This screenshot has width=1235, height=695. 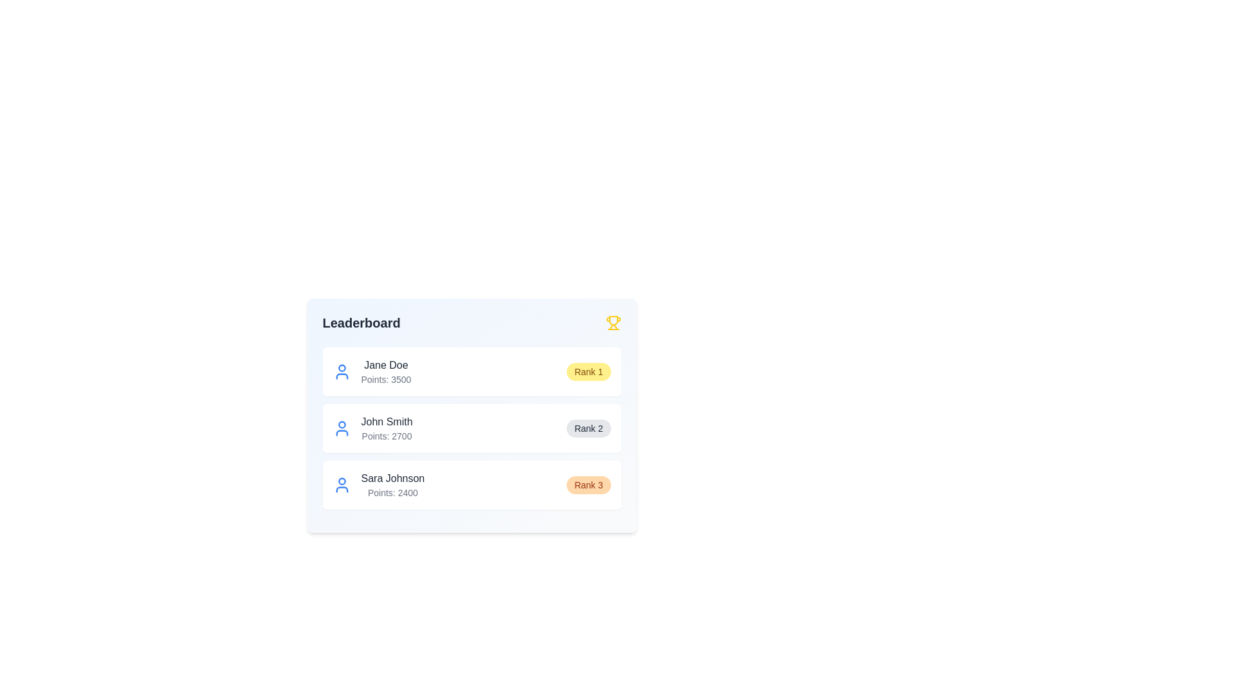 I want to click on the static text label that reads 'Points: 3500', which is styled in gray and positioned below the 'Jane Doe' text in the leaderboard, so click(x=385, y=379).